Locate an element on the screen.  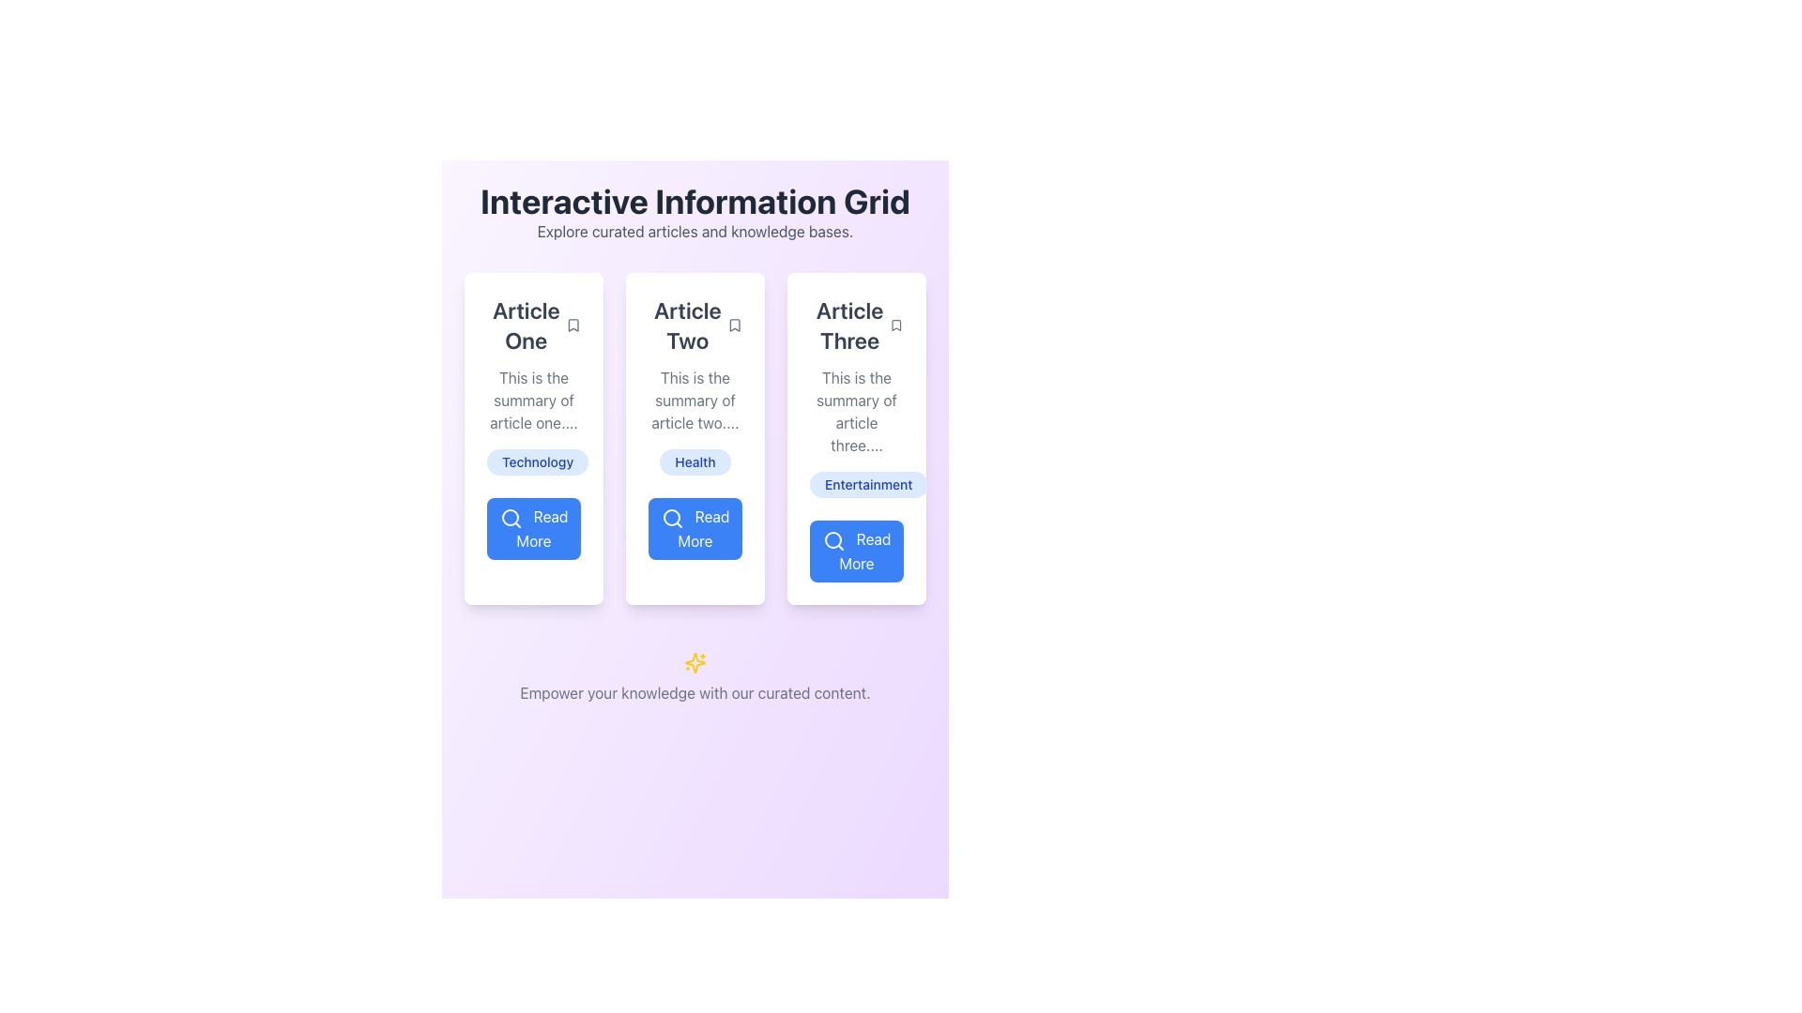
the rectangular blue button labeled 'Read More' with a magnifying glass icon, located beneath the 'Article Two' section, to change its appearance is located at coordinates (694, 528).